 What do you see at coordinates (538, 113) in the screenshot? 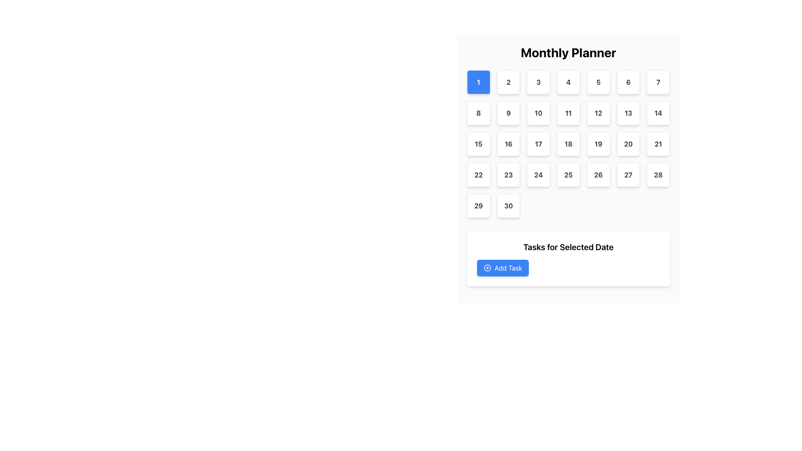
I see `the square button with rounded corners displaying the number '10' in a calendar grid layout` at bounding box center [538, 113].